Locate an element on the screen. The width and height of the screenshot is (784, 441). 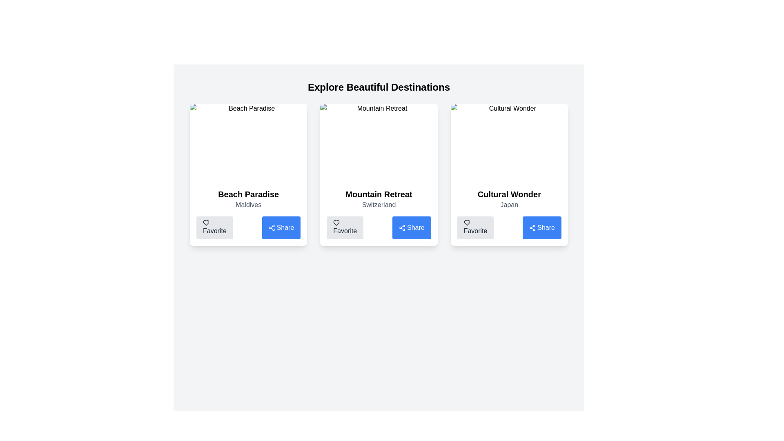
the heart-shaped icon within the 'Favorite' button located at the bottom-left of the 'Beach Paradise Maldives' card to mark it as favorite is located at coordinates (206, 223).